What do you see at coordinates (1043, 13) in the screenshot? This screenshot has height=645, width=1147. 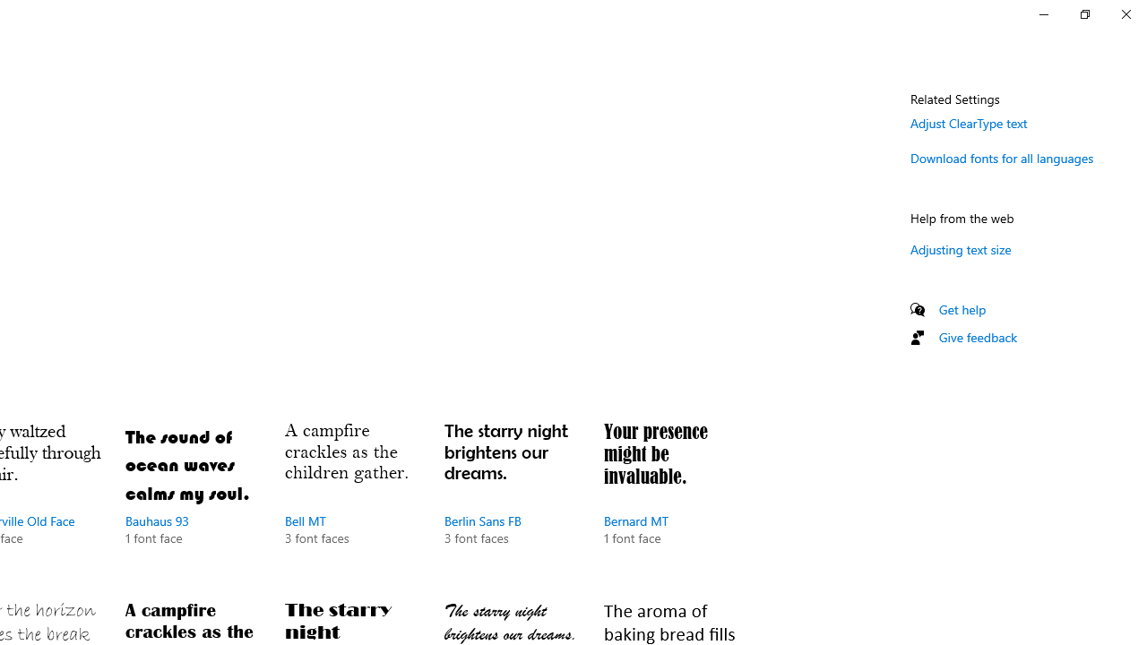 I see `'Minimize Settings'` at bounding box center [1043, 13].